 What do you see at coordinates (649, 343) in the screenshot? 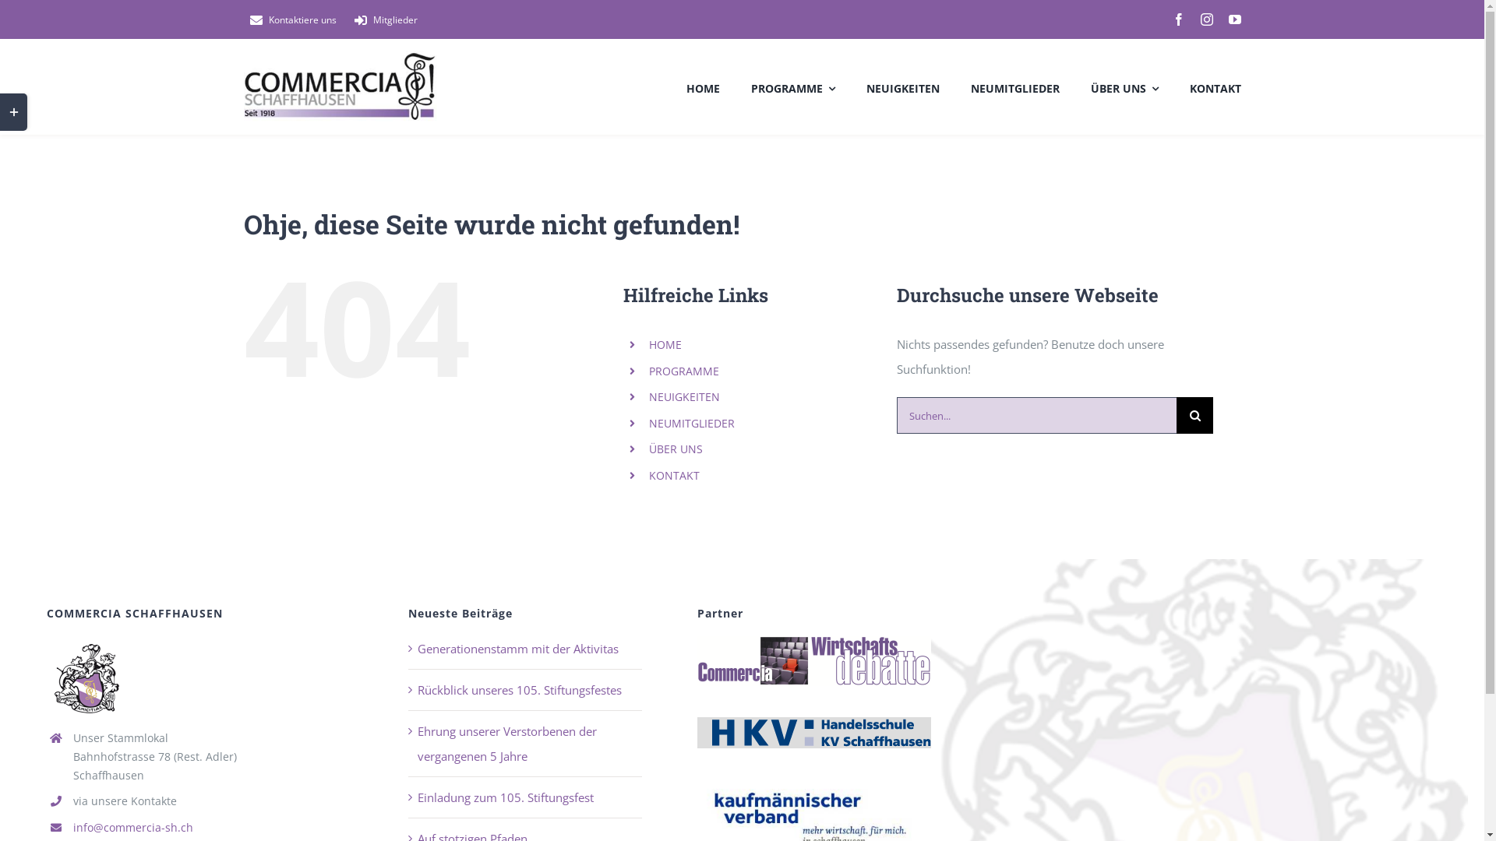
I see `'HOME'` at bounding box center [649, 343].